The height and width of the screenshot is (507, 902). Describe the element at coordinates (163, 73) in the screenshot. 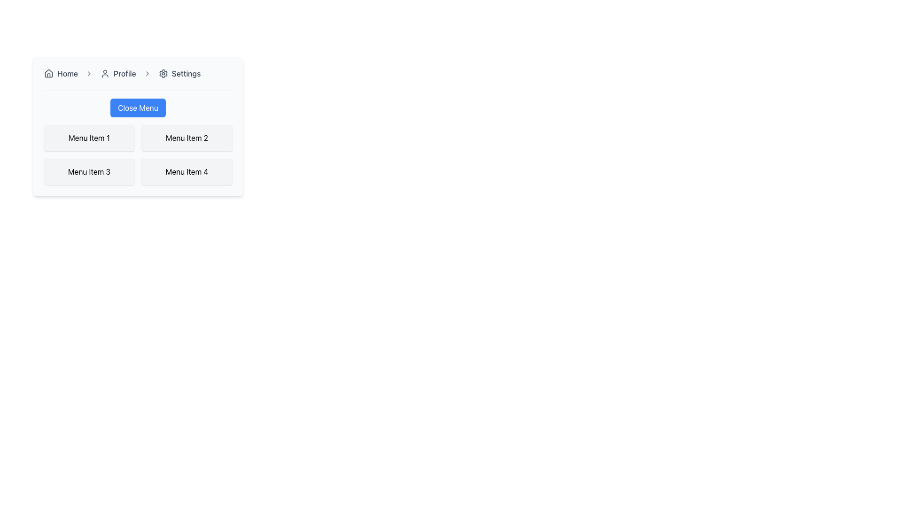

I see `the gear icon located in the upper-right quadrant of the interface, which is immediately to the left of the 'Settings' text` at that location.